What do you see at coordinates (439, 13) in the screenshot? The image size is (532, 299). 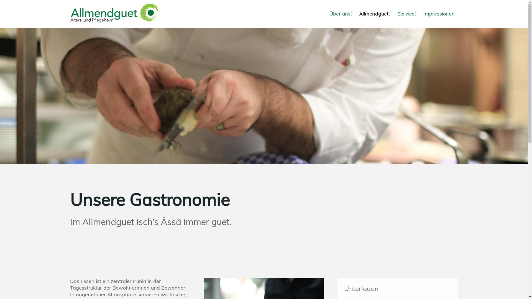 I see `'Impressionen'` at bounding box center [439, 13].